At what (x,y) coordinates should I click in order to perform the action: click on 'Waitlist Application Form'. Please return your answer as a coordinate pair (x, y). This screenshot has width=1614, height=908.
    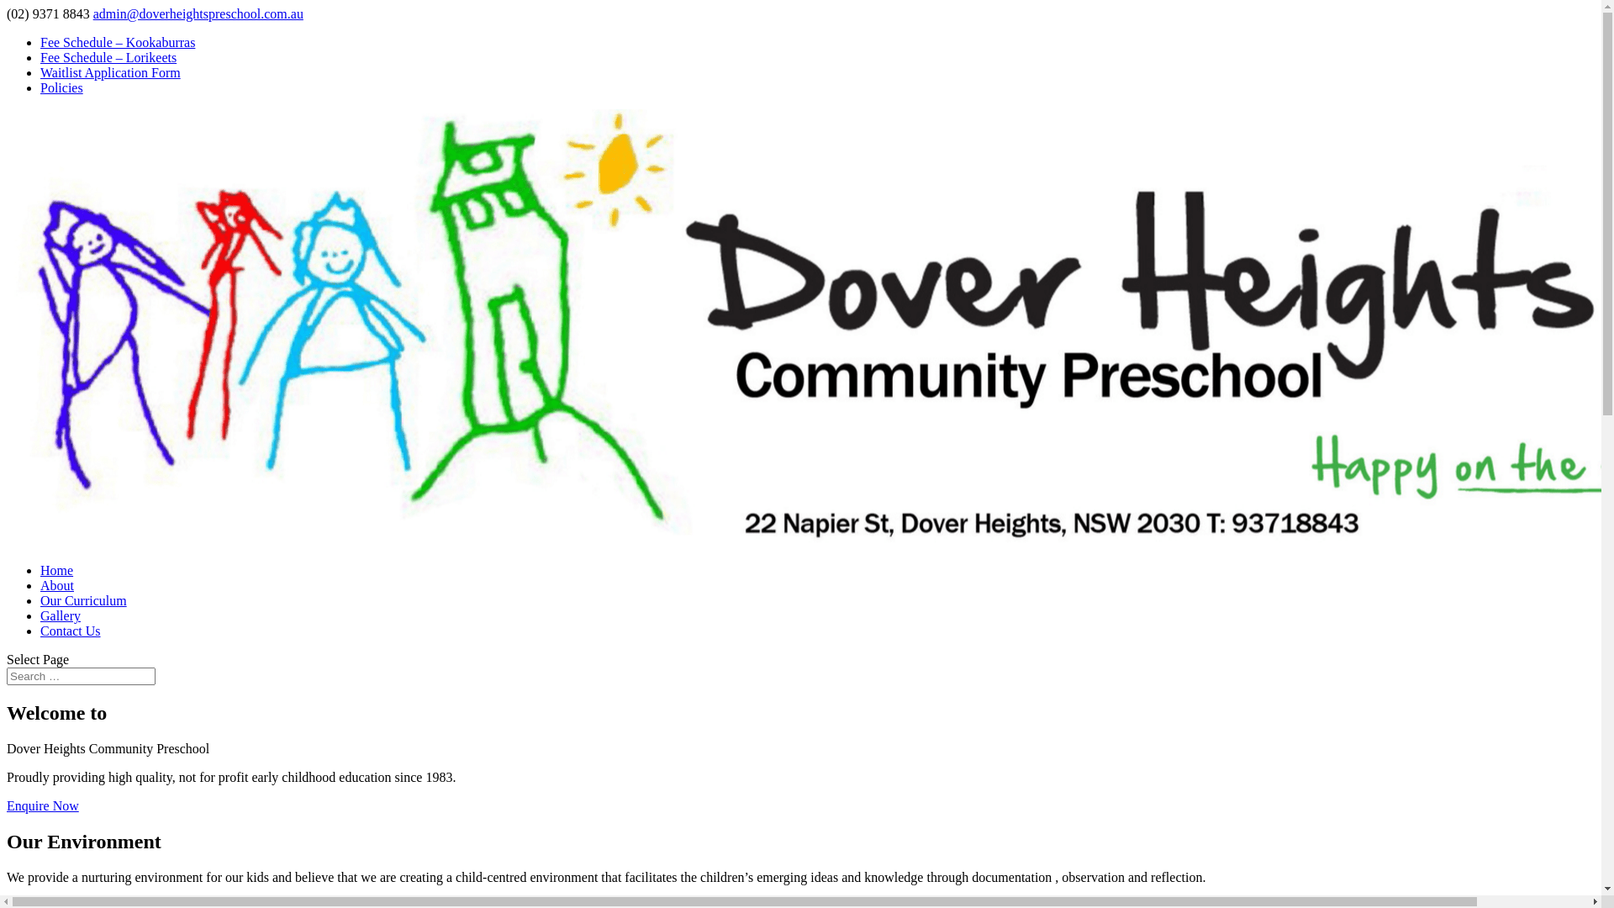
    Looking at the image, I should click on (109, 71).